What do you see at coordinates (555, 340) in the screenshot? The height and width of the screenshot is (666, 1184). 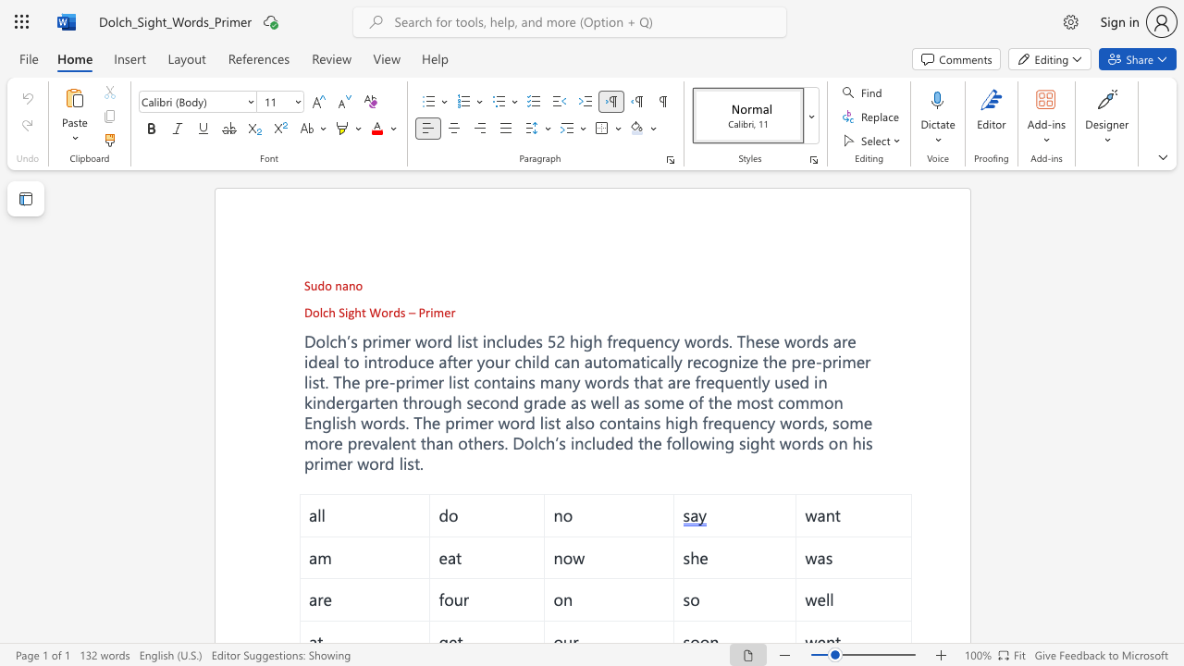 I see `the subset text "2 high frequency words. These words are ideal to introduce after your child can automatically re" within the text "Dolch’s primer word list includes 52 high frequency words. These words are ideal to introduce after your child can automatically recognize the pre-primer list. The pre-primer list"` at bounding box center [555, 340].